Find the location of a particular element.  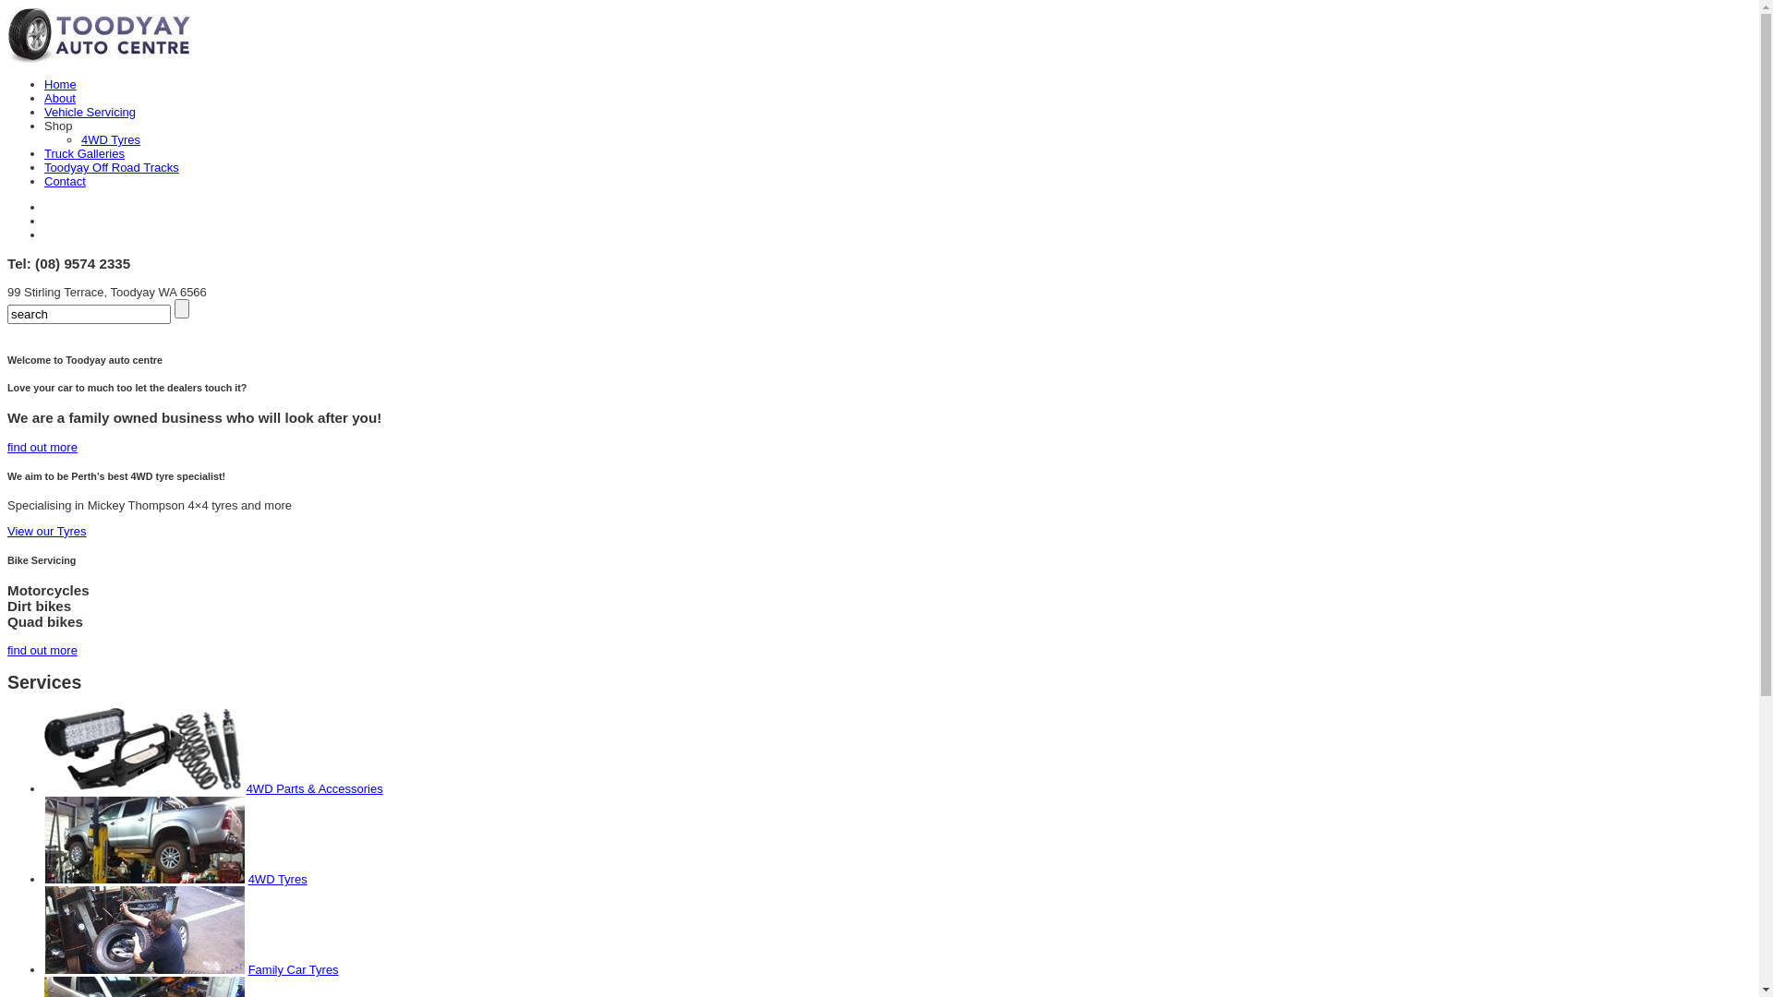

'Home' is located at coordinates (60, 84).